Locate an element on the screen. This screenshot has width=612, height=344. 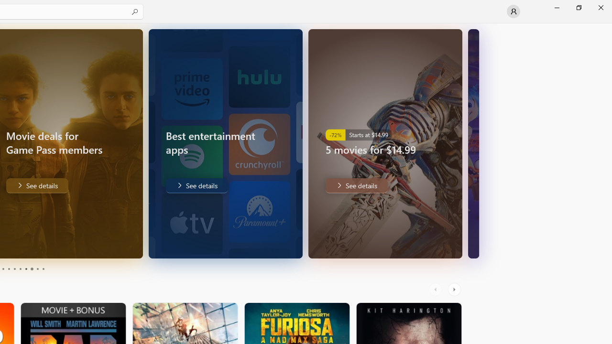
'AutomationID: RightScrollButton' is located at coordinates (455, 289).